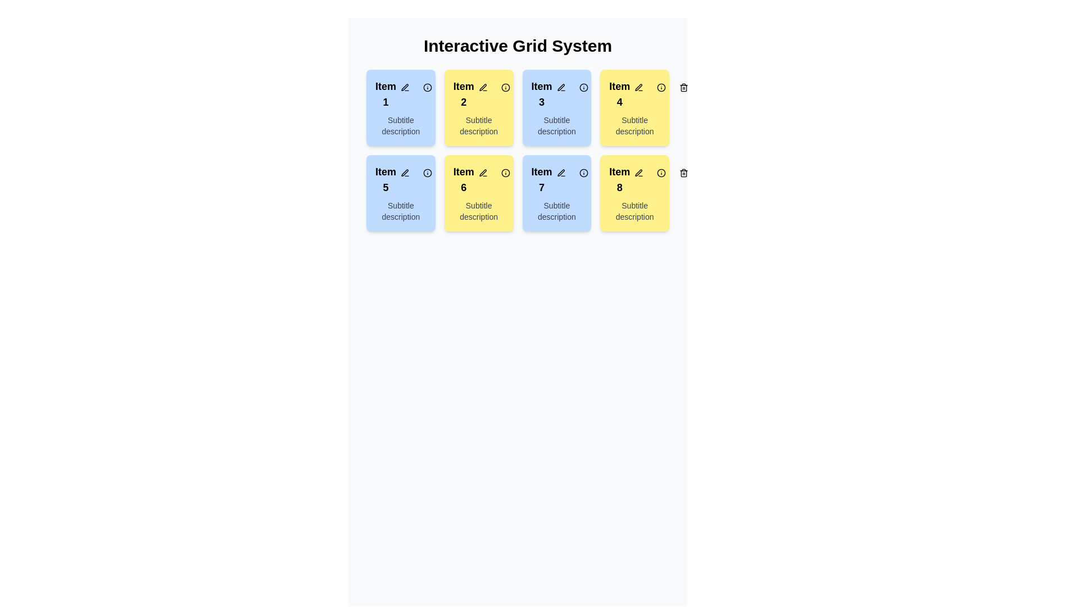  I want to click on the editing icon (SVG) located in the top-right corner of the yellow grid item labeled 'Item 4', so click(639, 87).